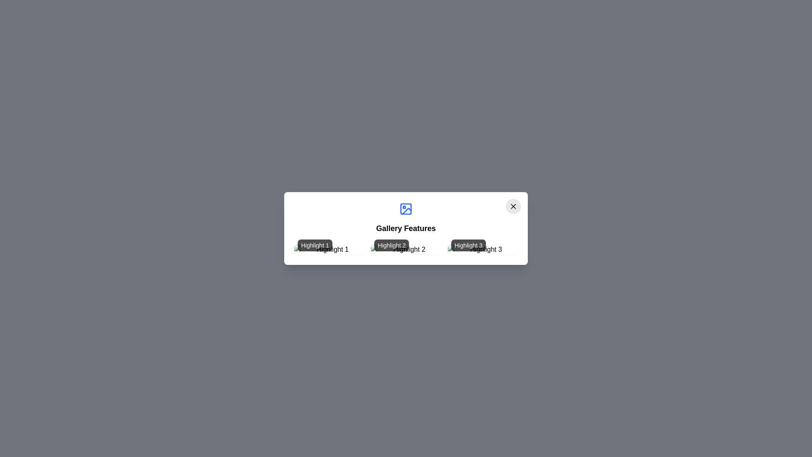  I want to click on the image labeled Highlight 1 to view its details, so click(329, 249).